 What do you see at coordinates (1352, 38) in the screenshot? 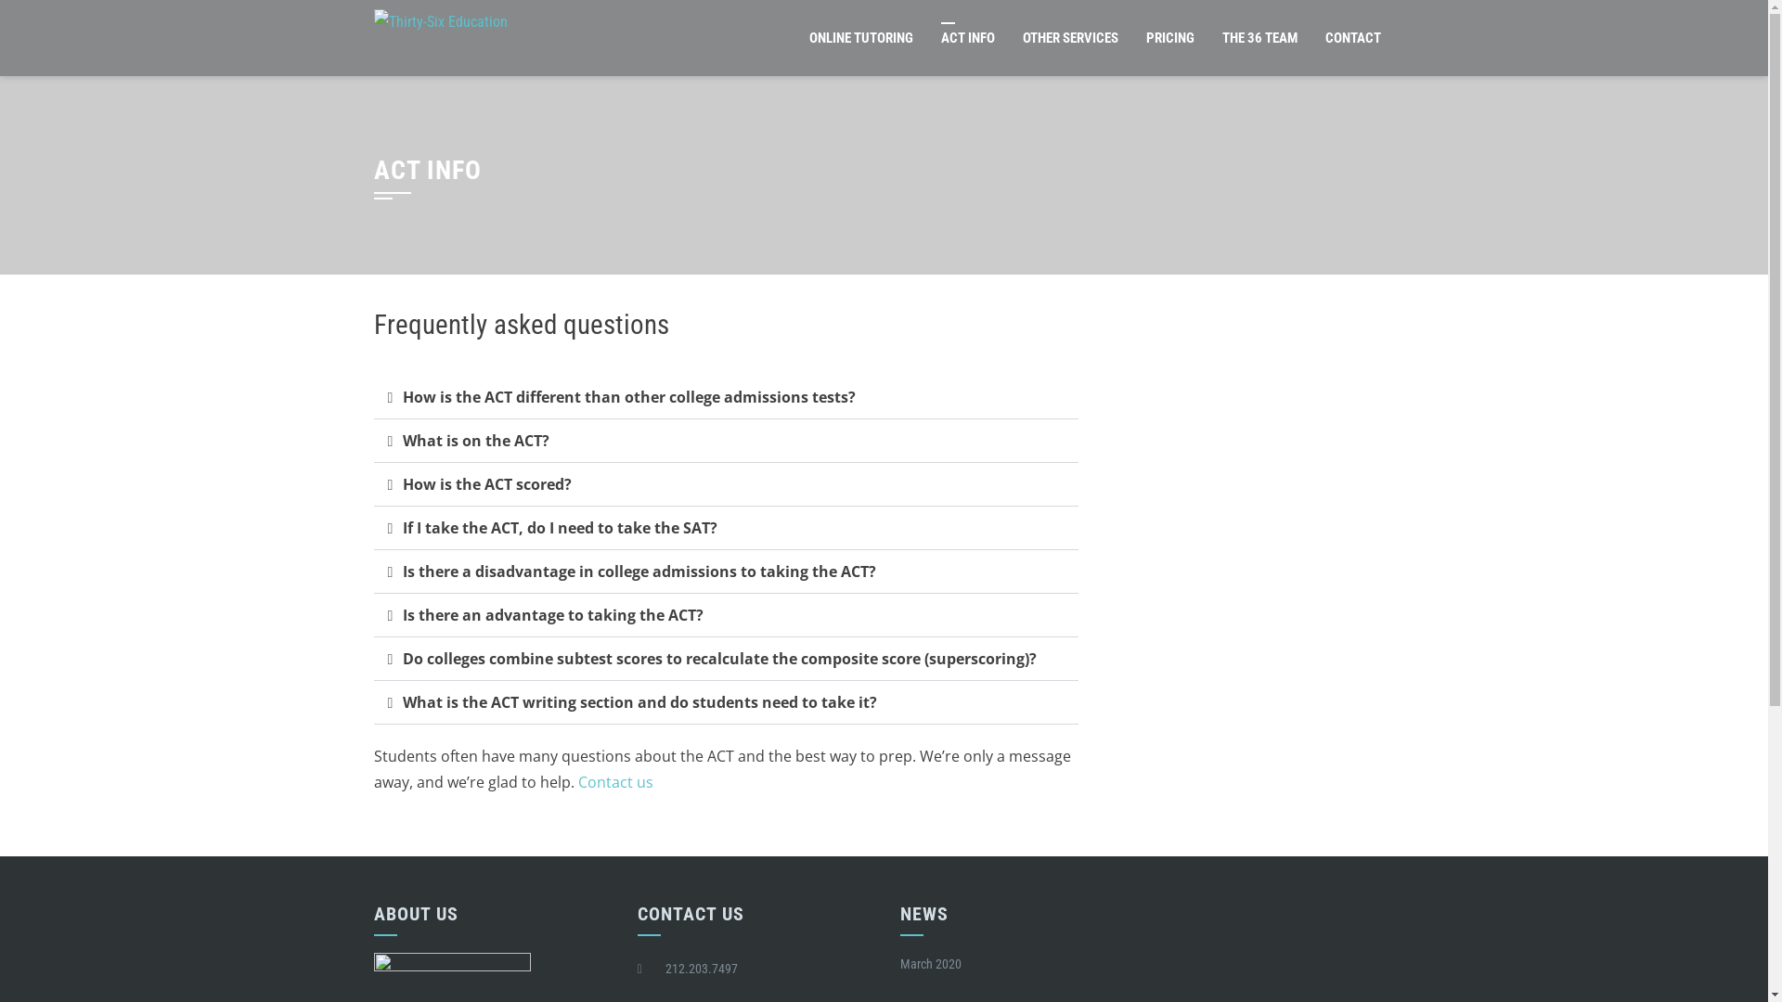
I see `'CONTACT'` at bounding box center [1352, 38].